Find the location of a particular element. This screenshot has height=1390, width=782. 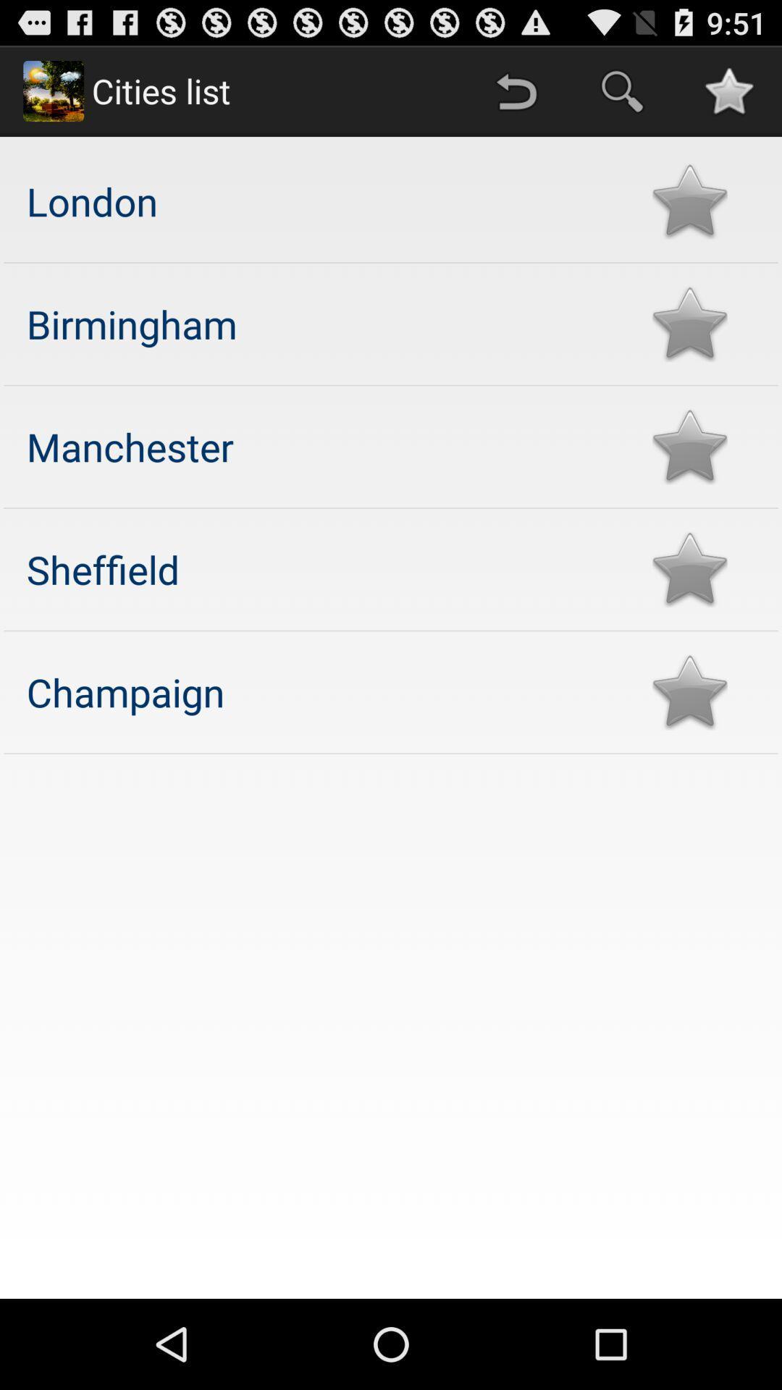

the manchester icon is located at coordinates (324, 445).